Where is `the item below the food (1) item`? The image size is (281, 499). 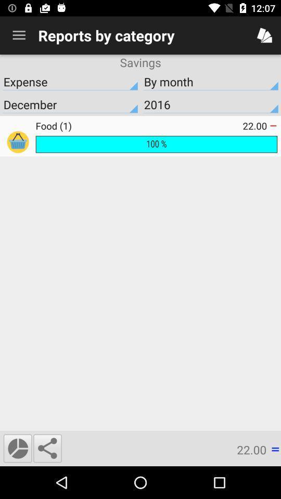 the item below the food (1) item is located at coordinates (156, 143).